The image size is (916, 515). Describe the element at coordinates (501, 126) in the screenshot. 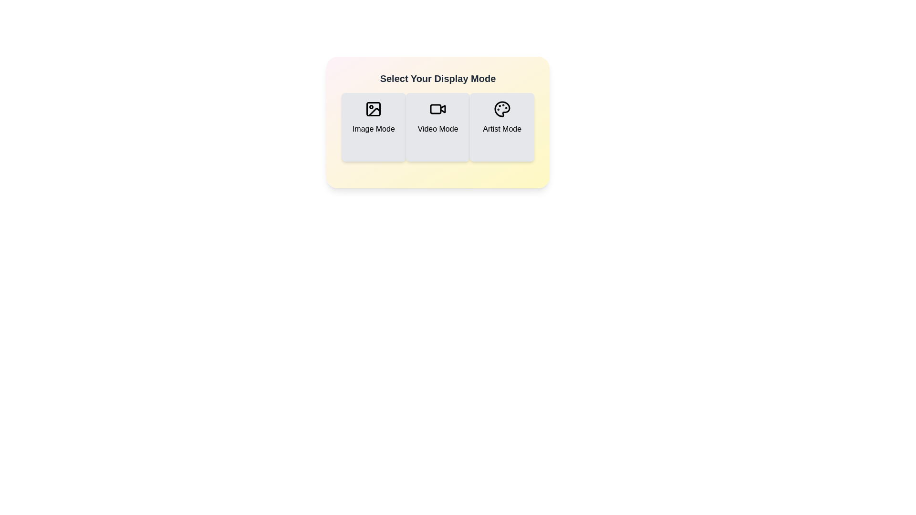

I see `the display mode Artist Mode to view its description` at that location.